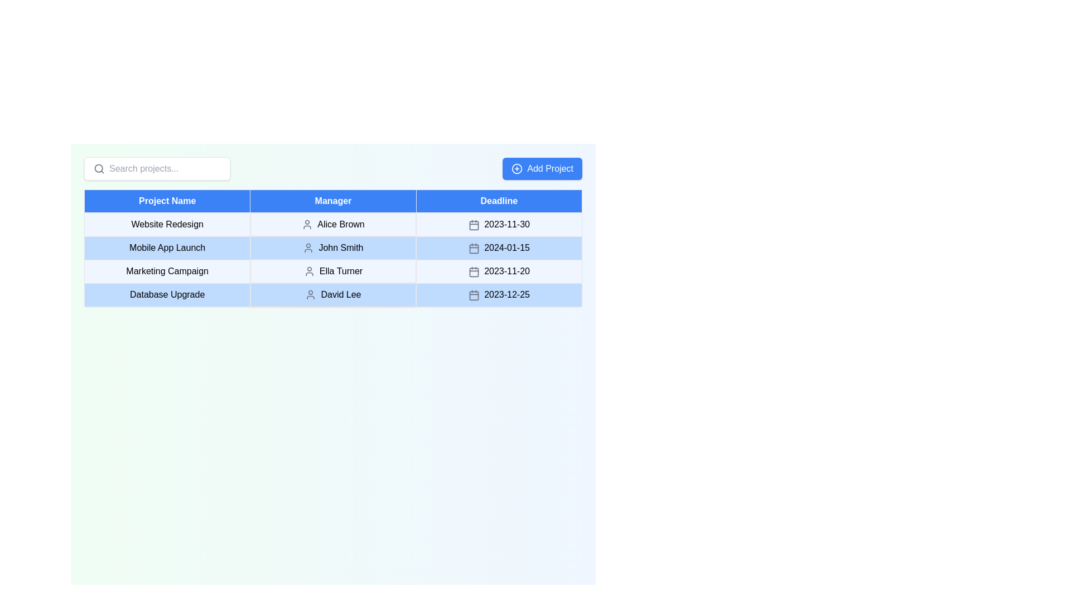 This screenshot has width=1071, height=602. What do you see at coordinates (332, 271) in the screenshot?
I see `the third row of the project schedule table` at bounding box center [332, 271].